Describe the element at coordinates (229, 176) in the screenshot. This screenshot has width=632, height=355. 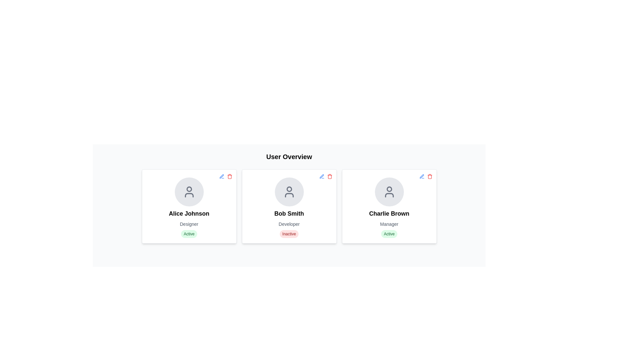
I see `the delete button located in the top right corner of the card labeled 'Alice Johnson', which is the second interactive element from the left following the blue pen icon` at that location.